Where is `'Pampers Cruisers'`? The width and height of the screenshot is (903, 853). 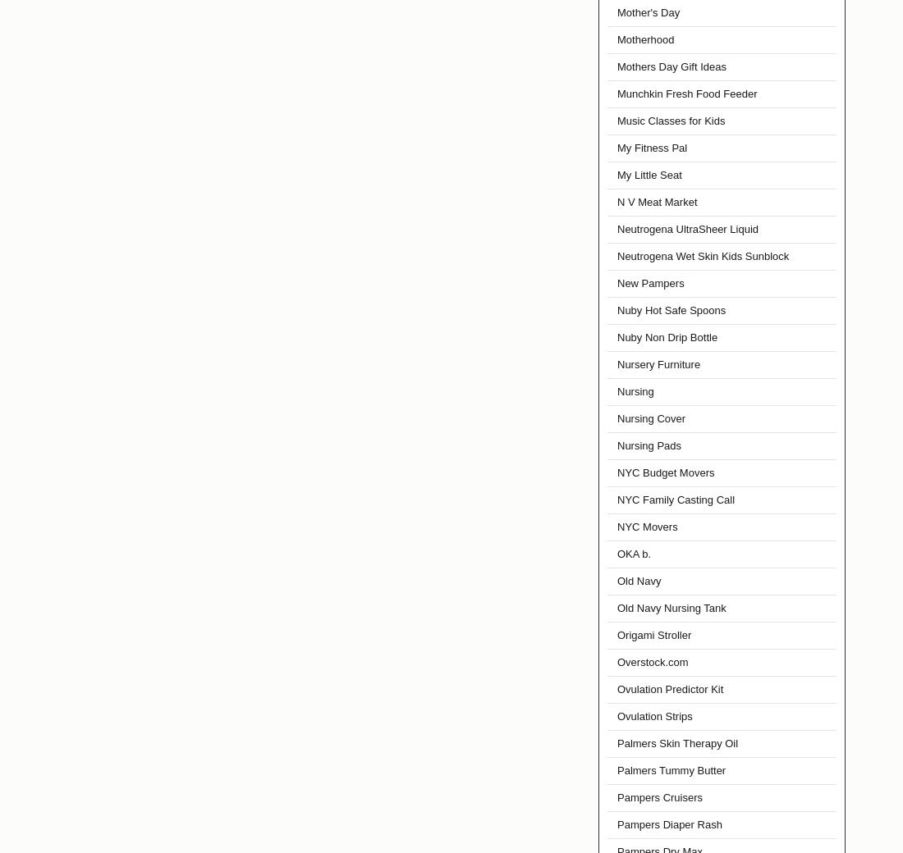
'Pampers Cruisers' is located at coordinates (659, 797).